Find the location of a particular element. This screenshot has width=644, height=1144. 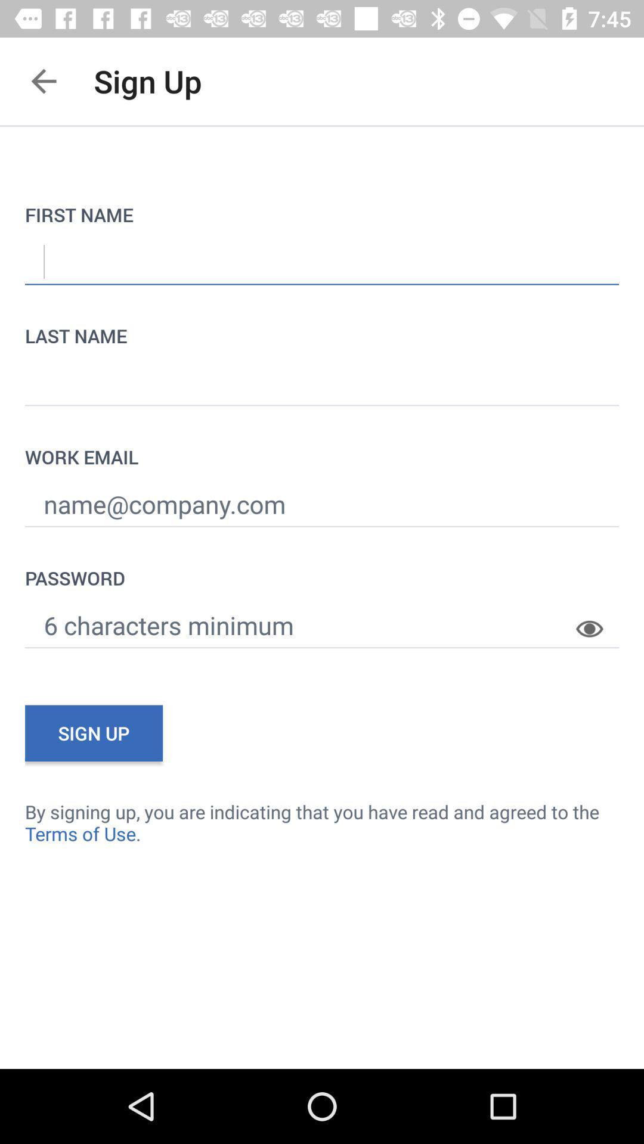

the by signing up icon is located at coordinates (322, 822).